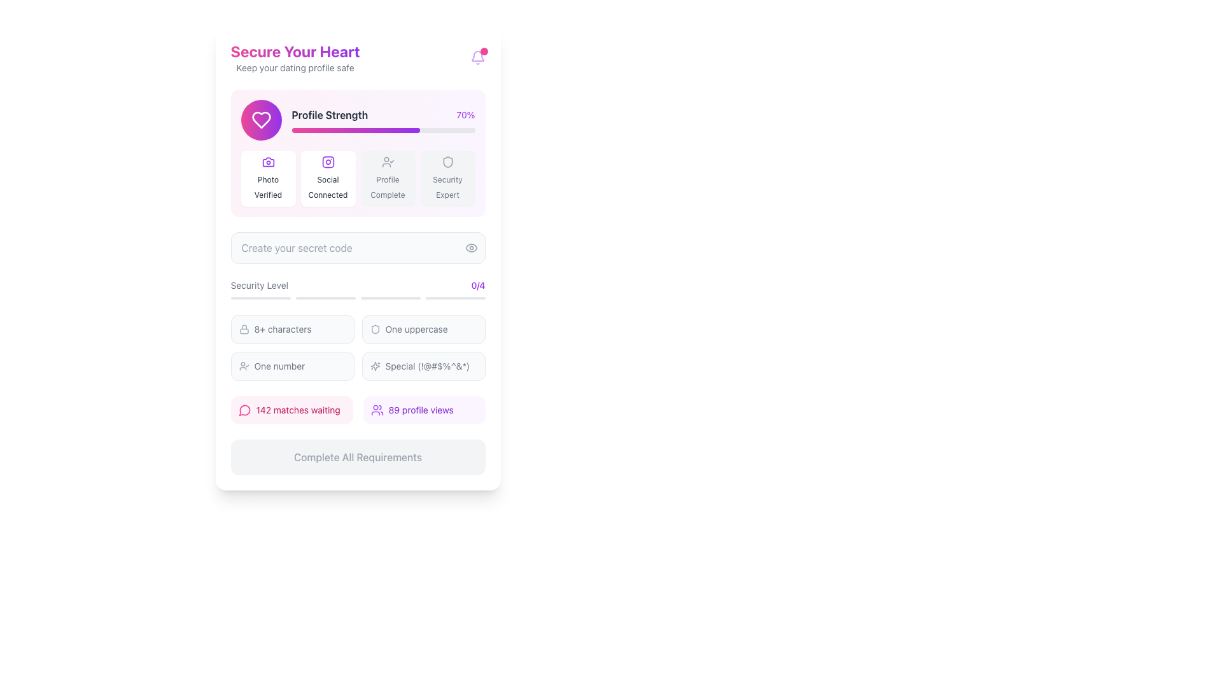  Describe the element at coordinates (282, 328) in the screenshot. I see `the text label displaying '8+ characters' in a small gray font, located below the 'Security Level' section and aligned with other similar labels` at that location.